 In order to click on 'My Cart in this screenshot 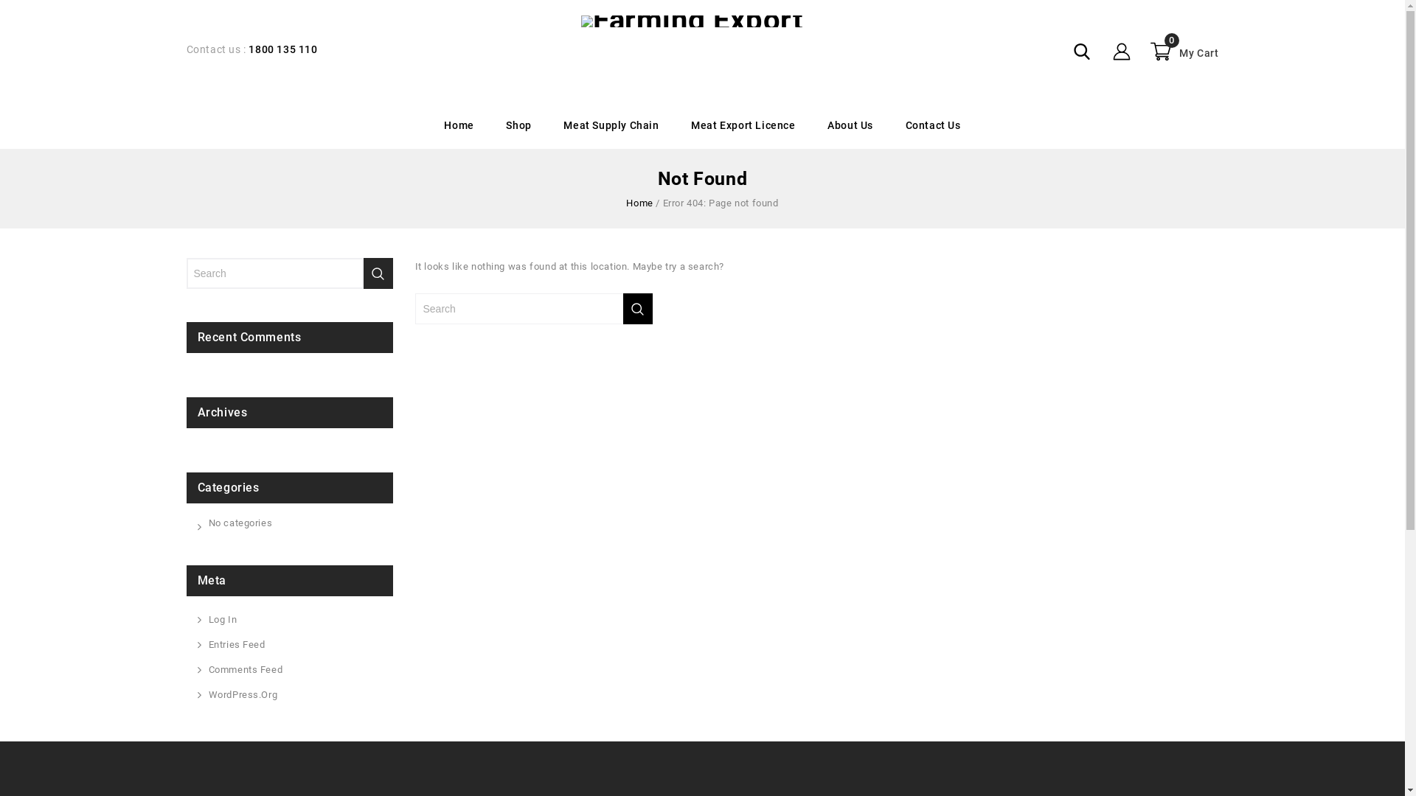, I will do `click(1182, 50)`.